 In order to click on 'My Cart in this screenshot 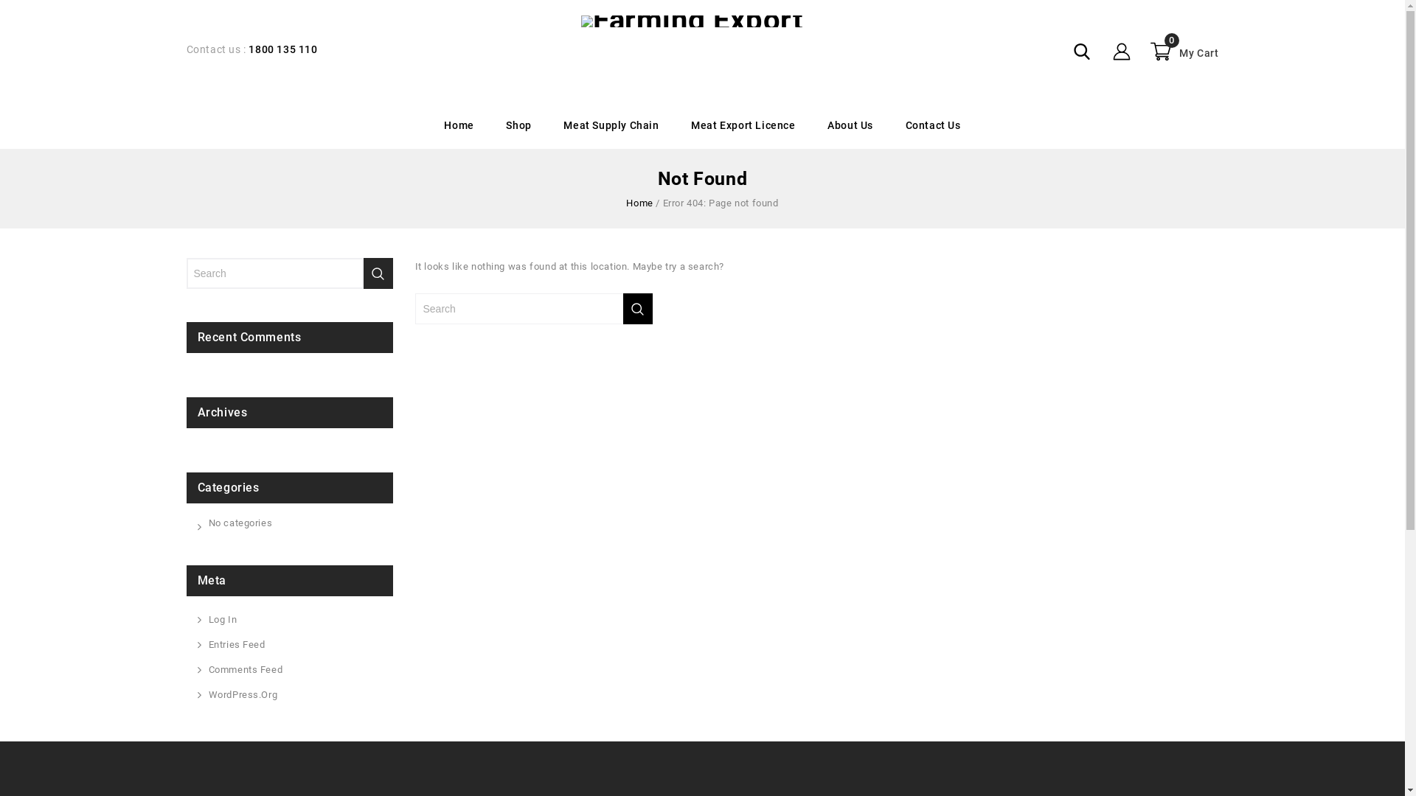, I will do `click(1182, 50)`.